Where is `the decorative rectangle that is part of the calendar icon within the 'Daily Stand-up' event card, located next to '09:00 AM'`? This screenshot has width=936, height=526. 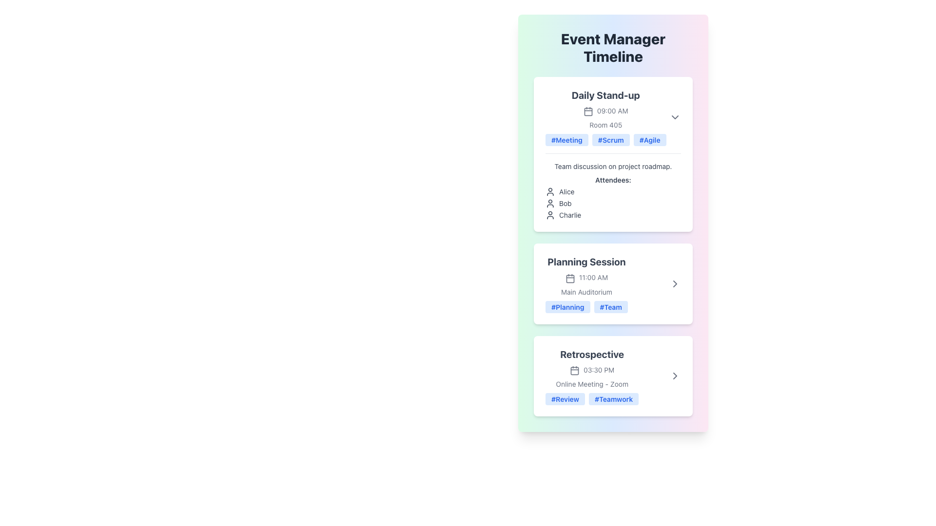 the decorative rectangle that is part of the calendar icon within the 'Daily Stand-up' event card, located next to '09:00 AM' is located at coordinates (587, 112).